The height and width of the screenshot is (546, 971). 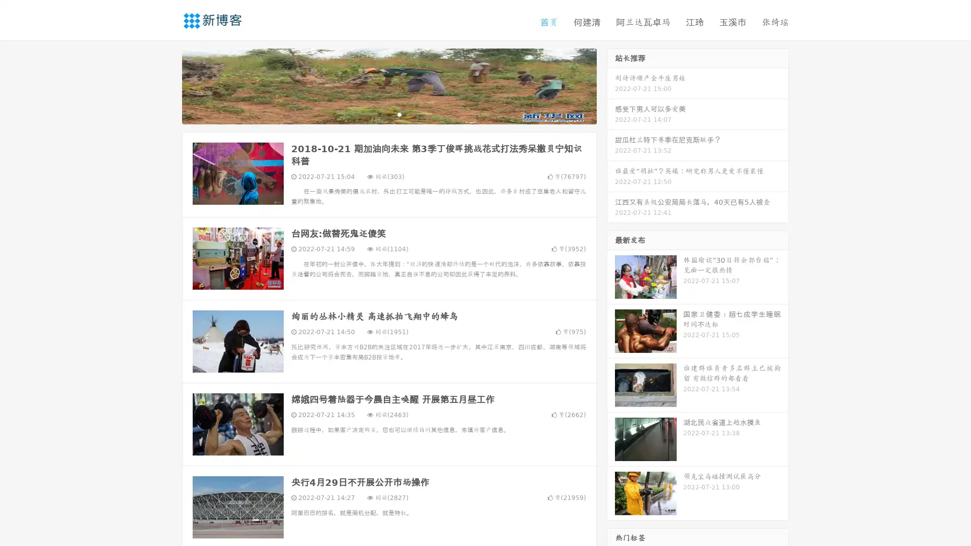 What do you see at coordinates (388, 114) in the screenshot?
I see `Go to slide 2` at bounding box center [388, 114].